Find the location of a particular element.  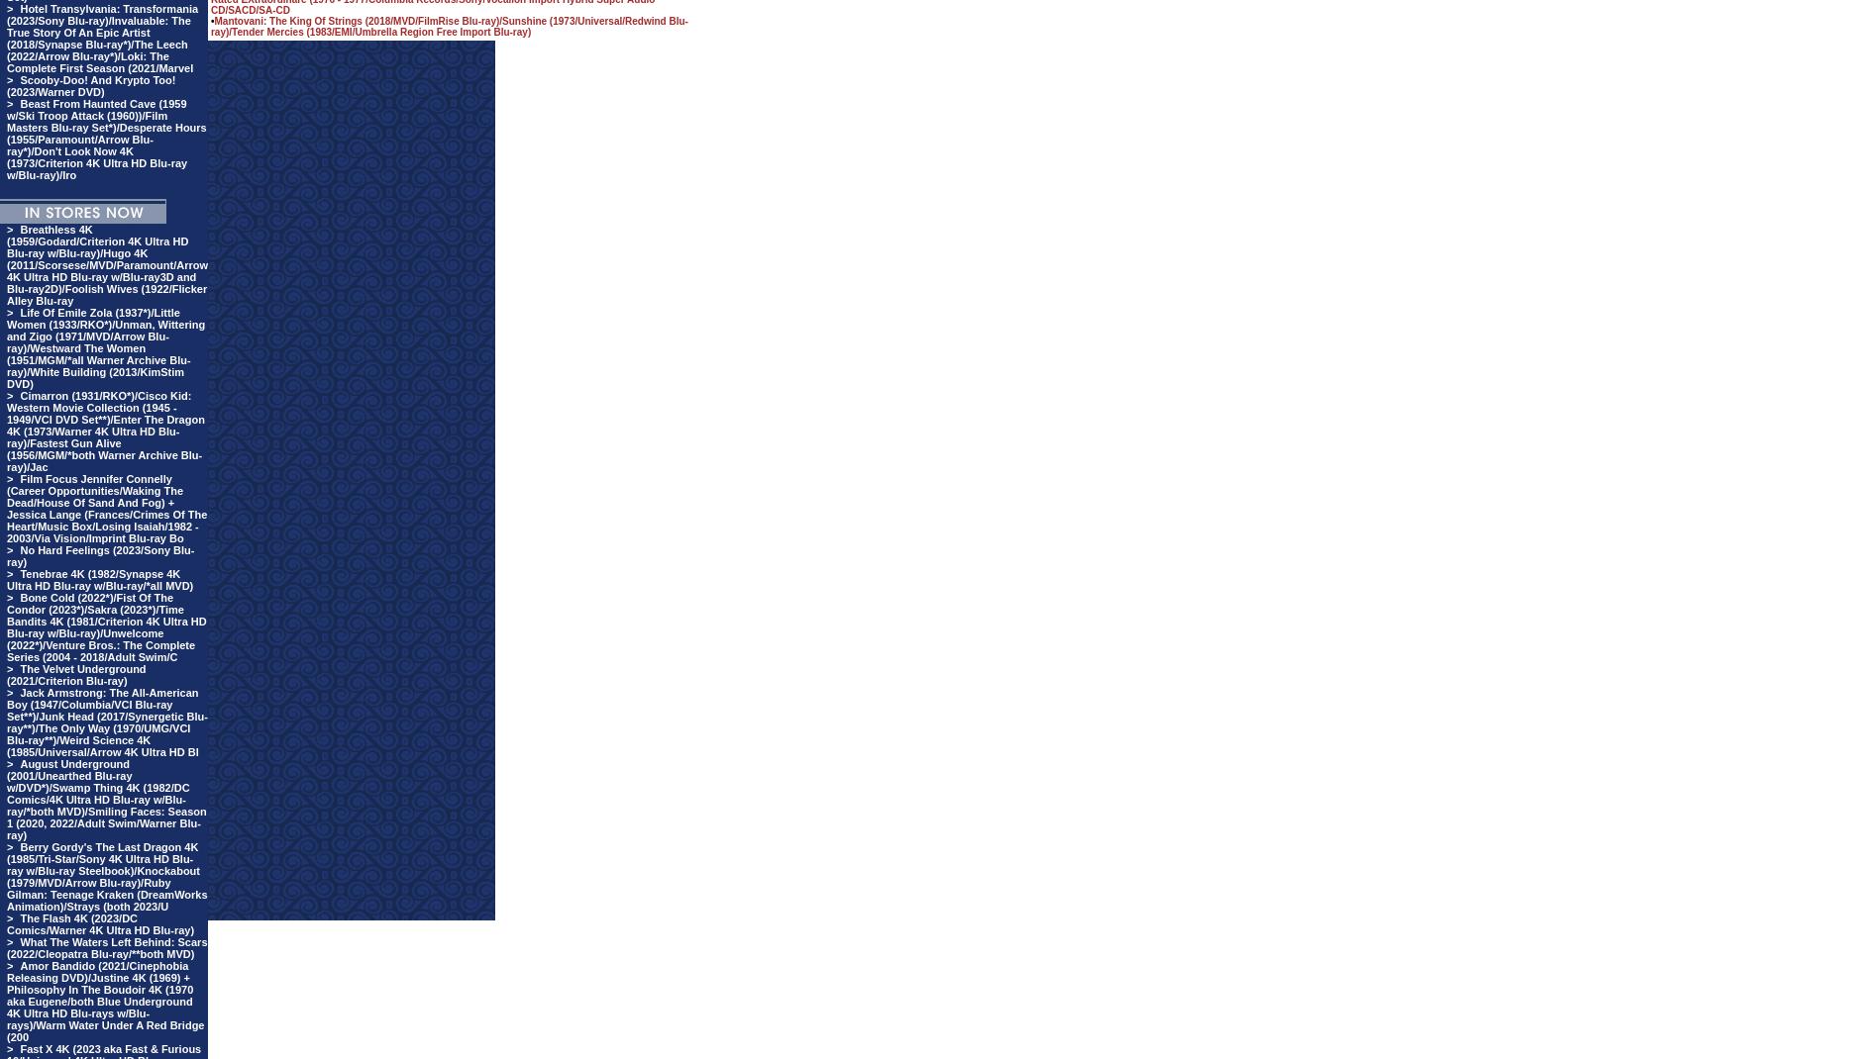

'The Flash 4K (2023/DC Comics/Warner 4K Ultra HD Blu-ray)' is located at coordinates (99, 923).